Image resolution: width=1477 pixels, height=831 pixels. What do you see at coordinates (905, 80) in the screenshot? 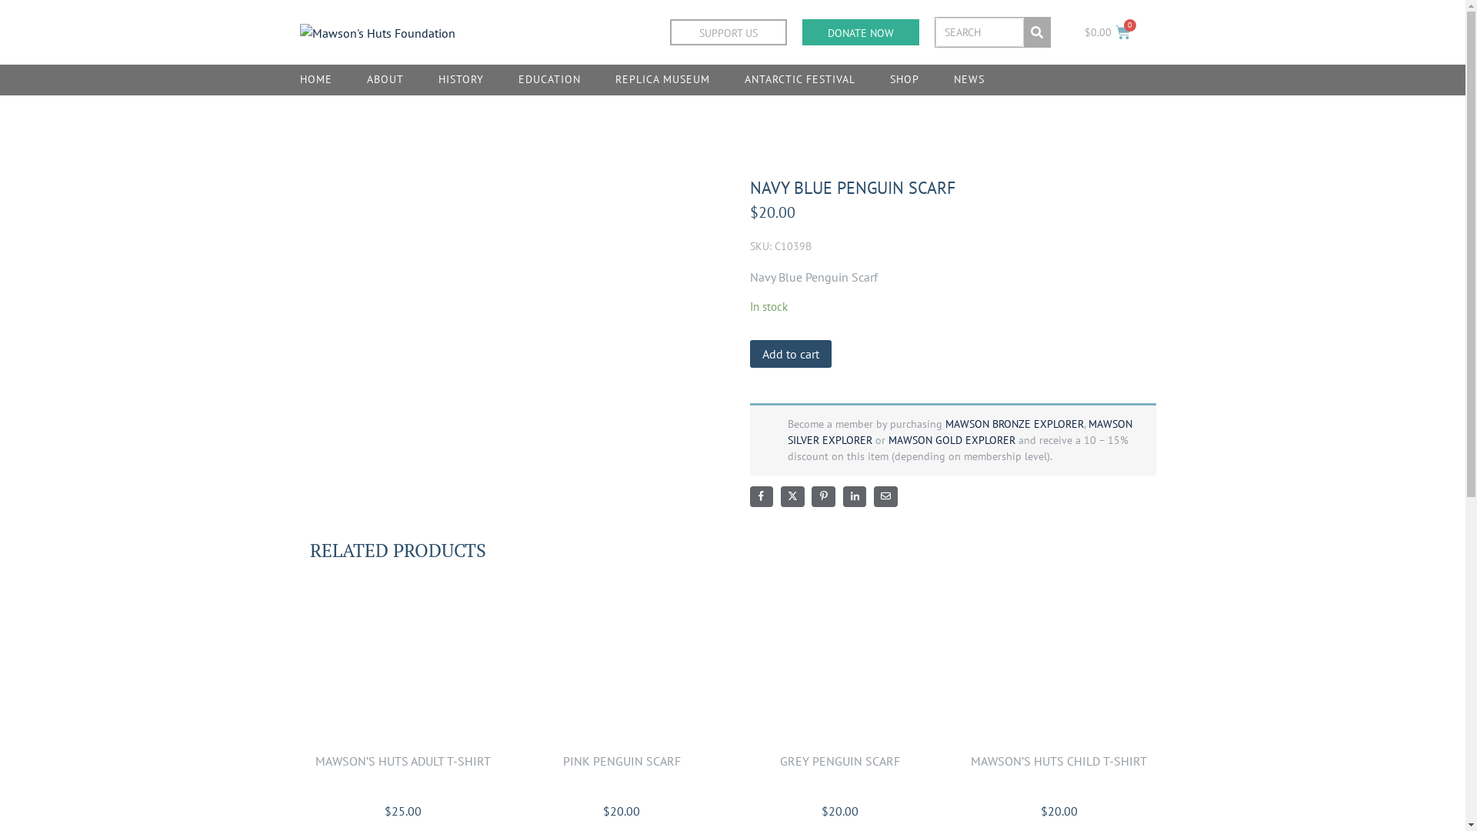
I see `'SHOP'` at bounding box center [905, 80].